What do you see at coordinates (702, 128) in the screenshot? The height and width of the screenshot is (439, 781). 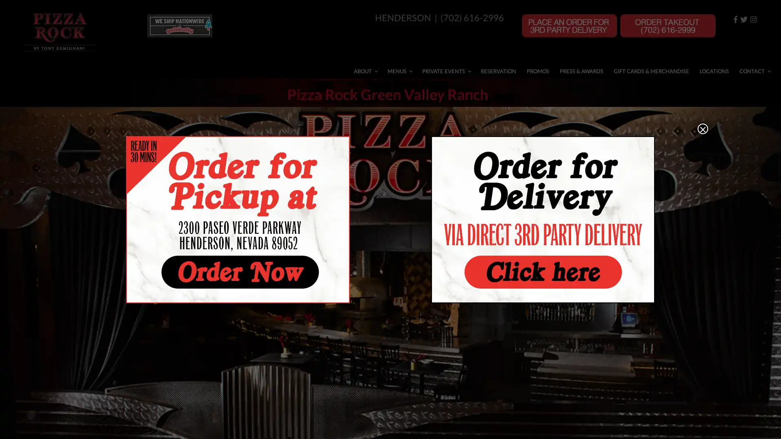 I see `Close` at bounding box center [702, 128].